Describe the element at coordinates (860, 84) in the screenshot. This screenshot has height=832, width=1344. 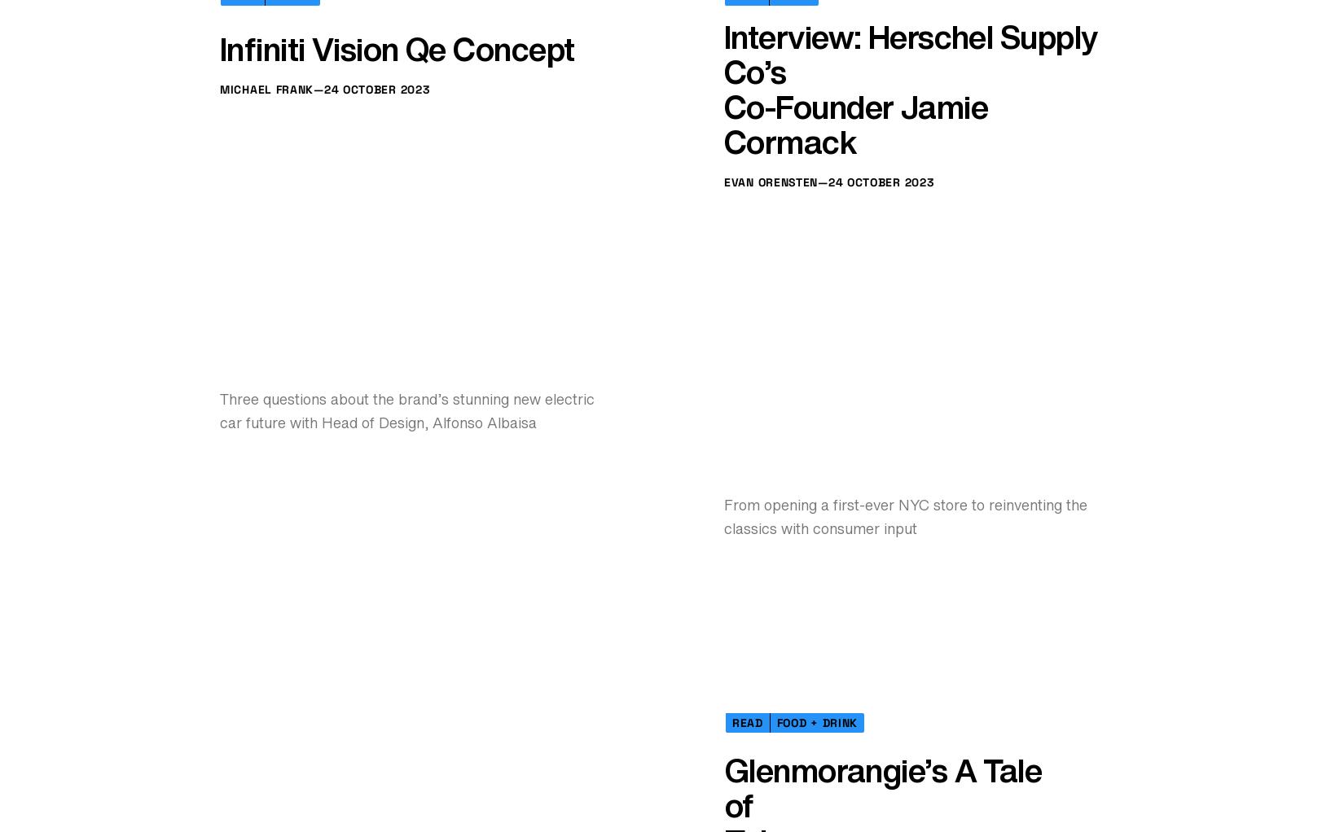
I see `'Inside the ITS Arcademy,'` at that location.